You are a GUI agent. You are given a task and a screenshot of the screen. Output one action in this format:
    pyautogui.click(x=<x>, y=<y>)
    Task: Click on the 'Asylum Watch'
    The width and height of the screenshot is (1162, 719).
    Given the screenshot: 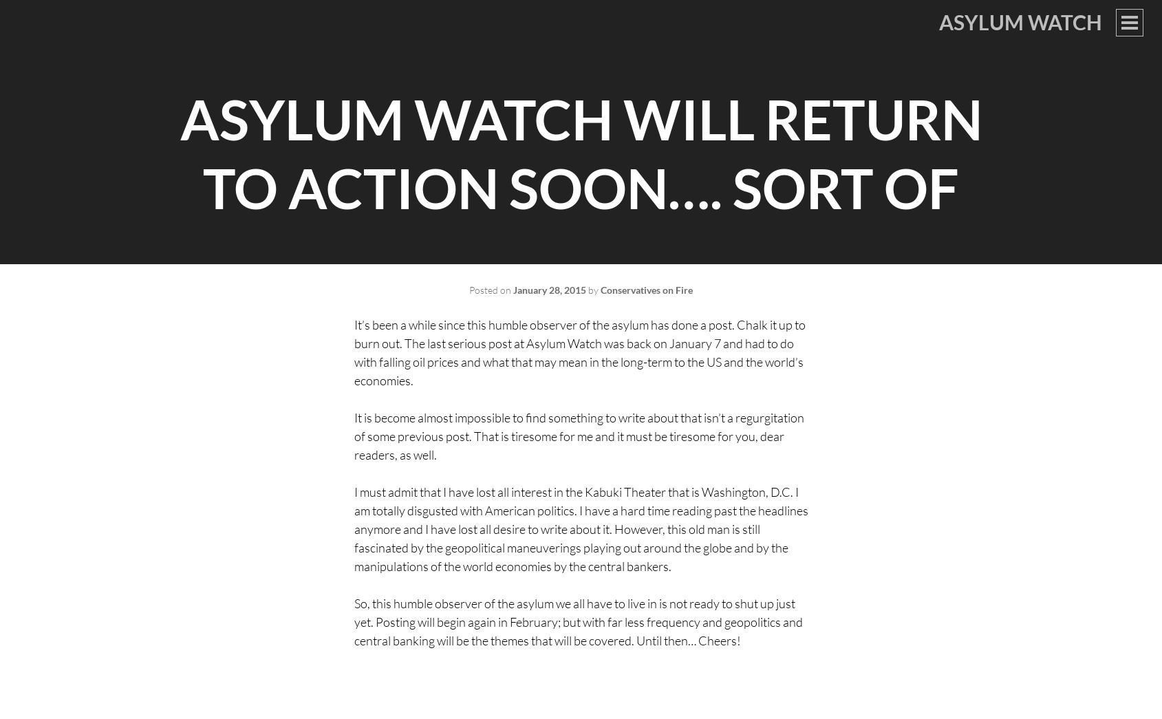 What is the action you would take?
    pyautogui.click(x=1020, y=21)
    